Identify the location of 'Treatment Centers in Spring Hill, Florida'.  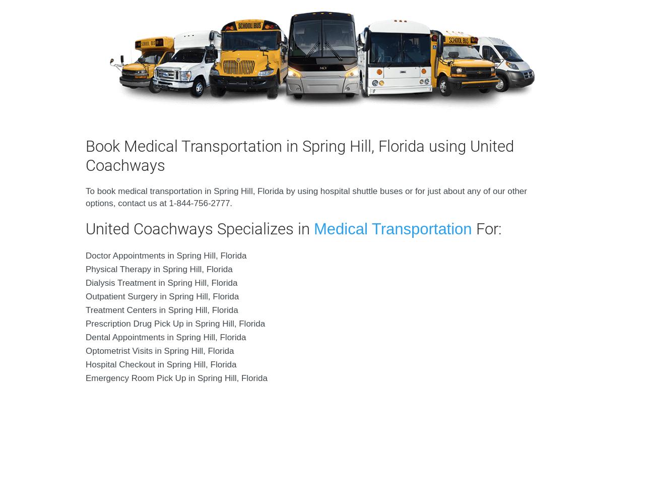
(85, 309).